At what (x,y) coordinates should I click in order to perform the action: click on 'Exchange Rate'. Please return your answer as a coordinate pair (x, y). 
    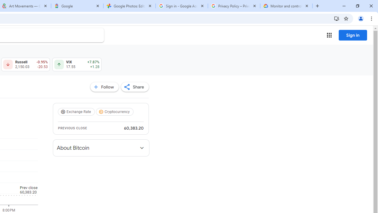
    Looking at the image, I should click on (77, 112).